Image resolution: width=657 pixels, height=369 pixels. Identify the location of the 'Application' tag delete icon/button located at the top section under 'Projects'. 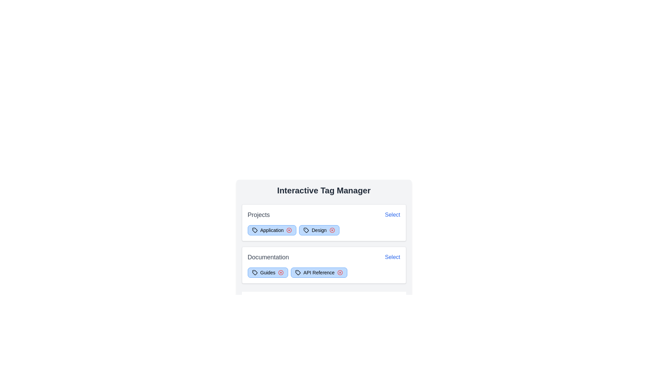
(289, 230).